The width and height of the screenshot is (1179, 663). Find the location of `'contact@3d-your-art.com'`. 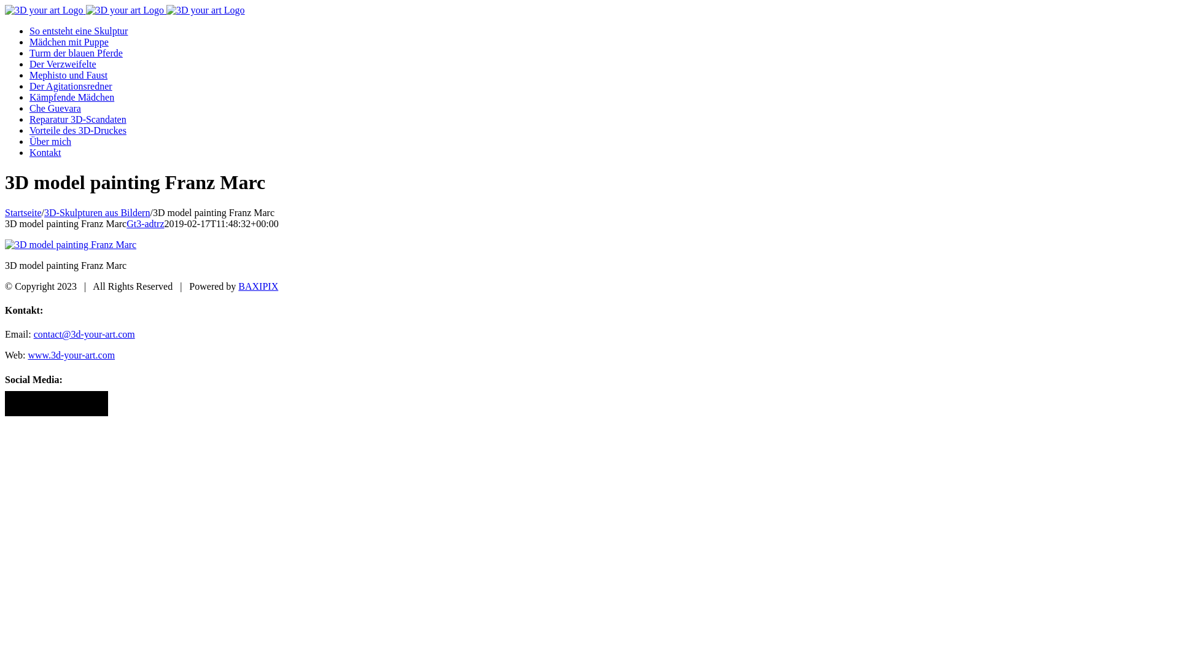

'contact@3d-your-art.com' is located at coordinates (84, 334).